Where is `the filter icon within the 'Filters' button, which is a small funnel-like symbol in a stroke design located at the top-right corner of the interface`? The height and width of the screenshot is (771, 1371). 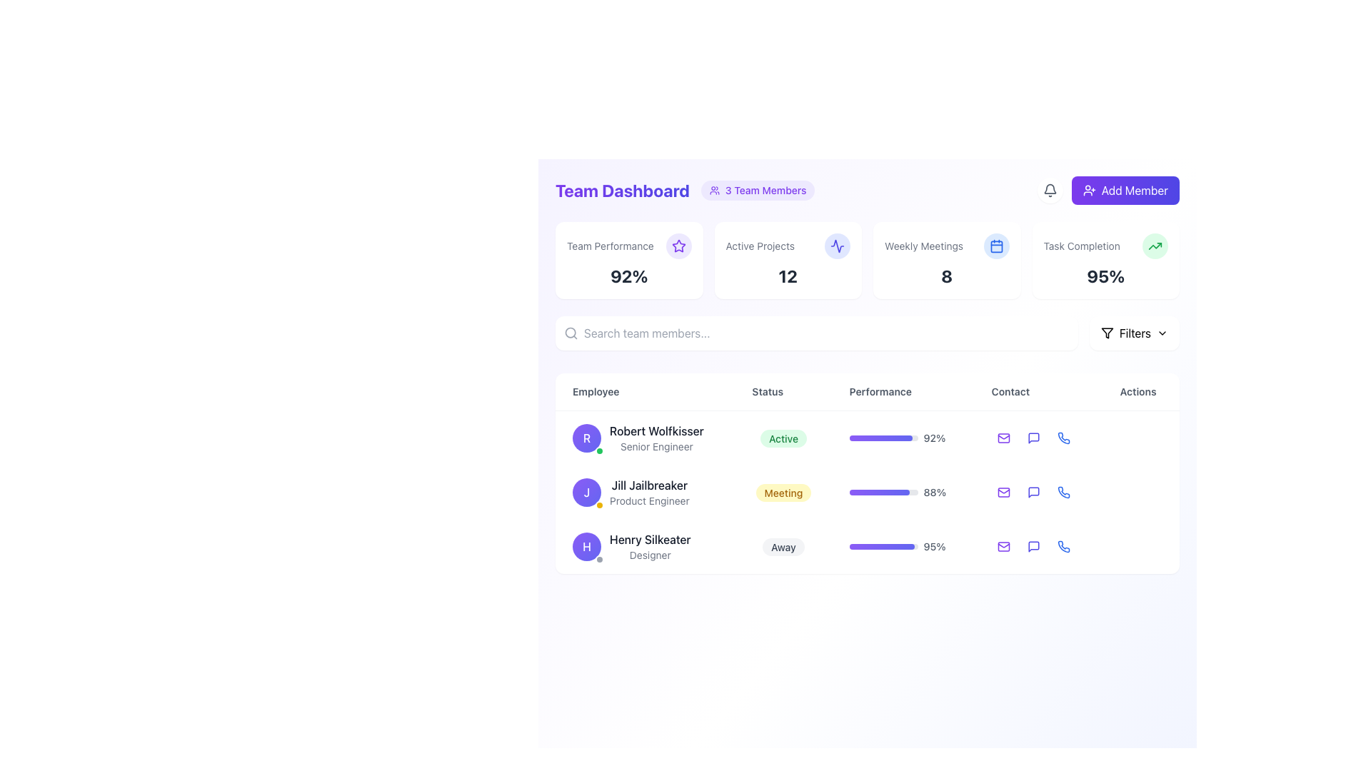
the filter icon within the 'Filters' button, which is a small funnel-like symbol in a stroke design located at the top-right corner of the interface is located at coordinates (1106, 333).